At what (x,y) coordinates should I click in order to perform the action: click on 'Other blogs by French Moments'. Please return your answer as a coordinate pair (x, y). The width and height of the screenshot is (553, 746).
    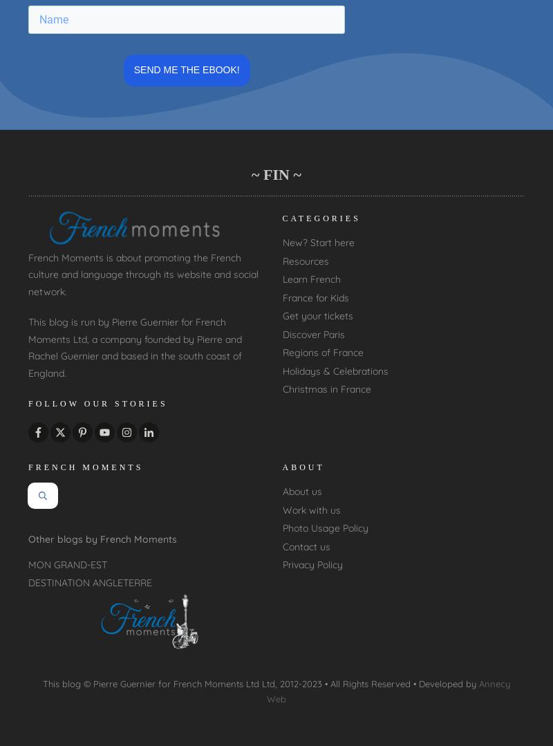
    Looking at the image, I should click on (102, 539).